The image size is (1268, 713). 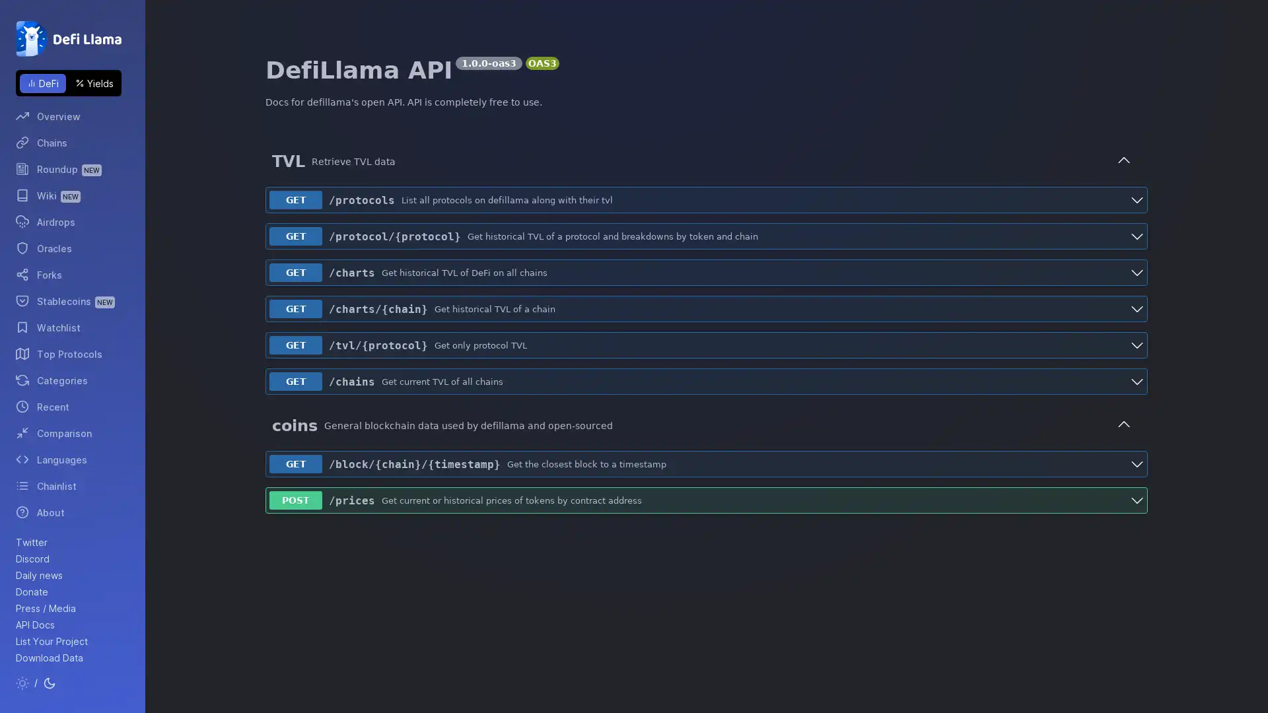 What do you see at coordinates (1123, 425) in the screenshot?
I see `Collapse operation` at bounding box center [1123, 425].